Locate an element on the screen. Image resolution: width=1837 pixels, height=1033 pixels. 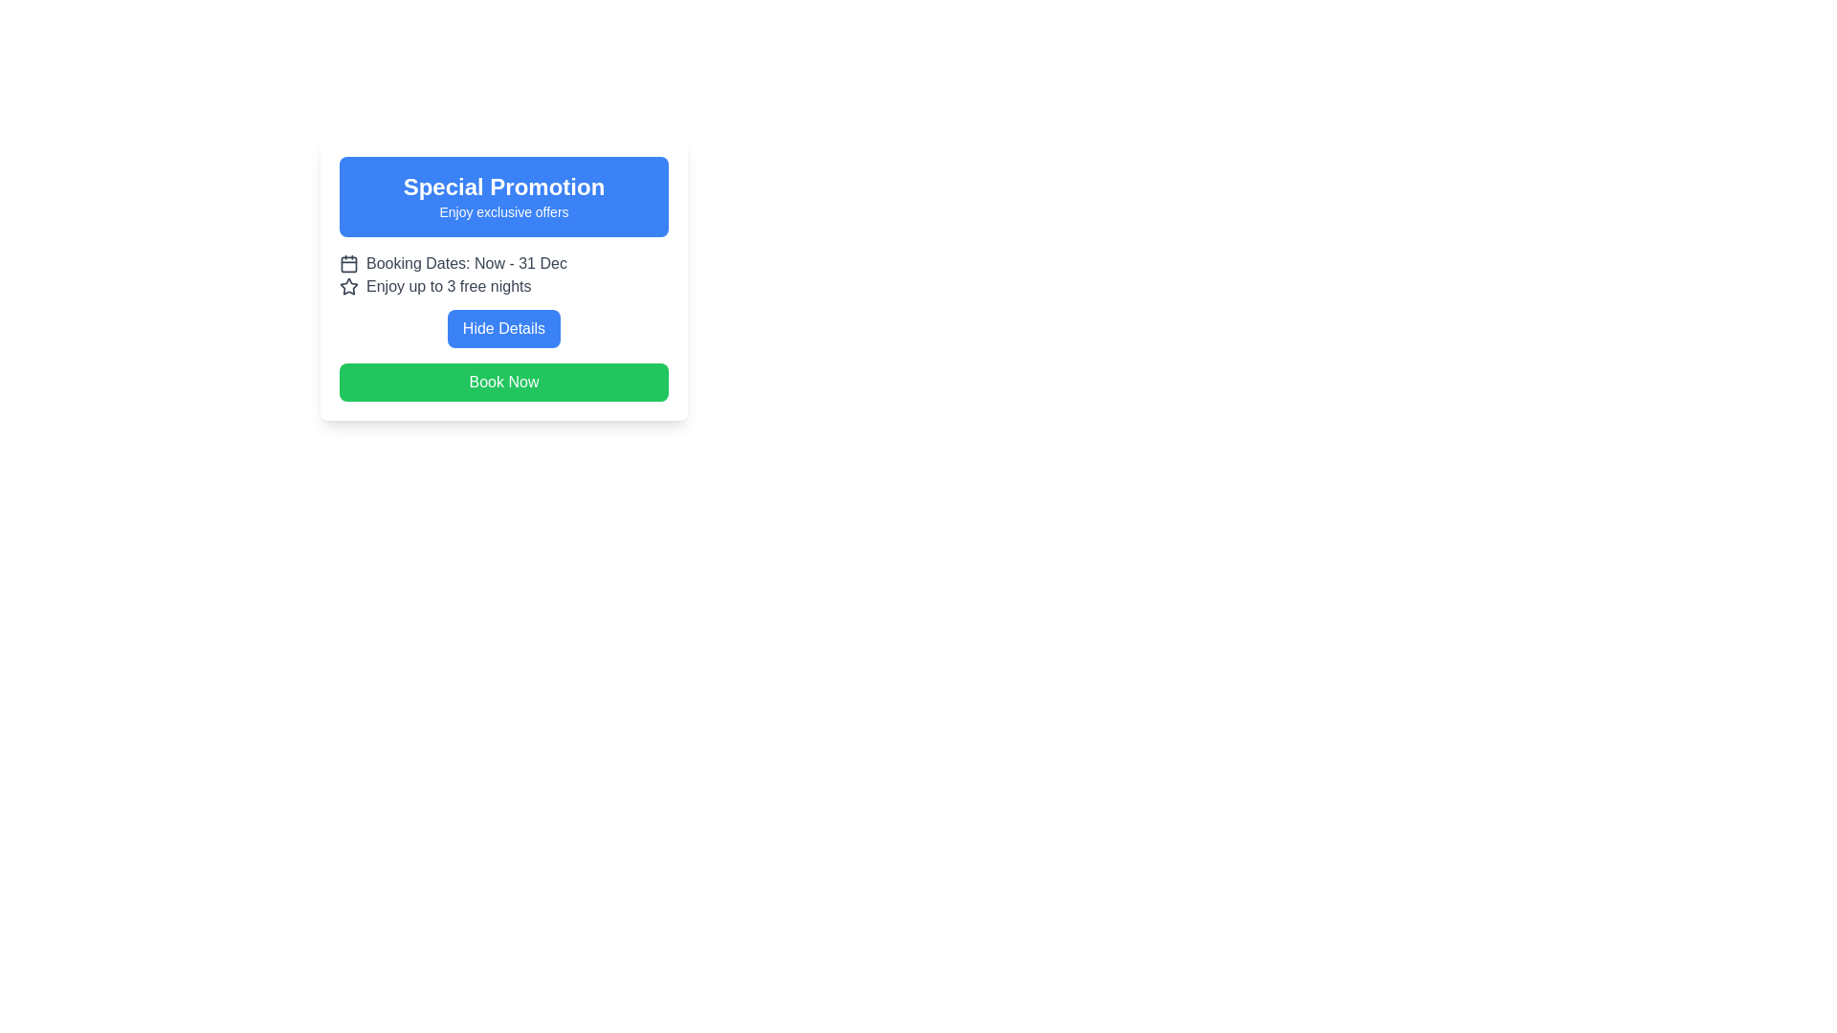
the 'Text Display with Icon' element that provides information about the booking dates for a promotion, located directly below the 'Special Promotion' heading is located at coordinates (504, 264).